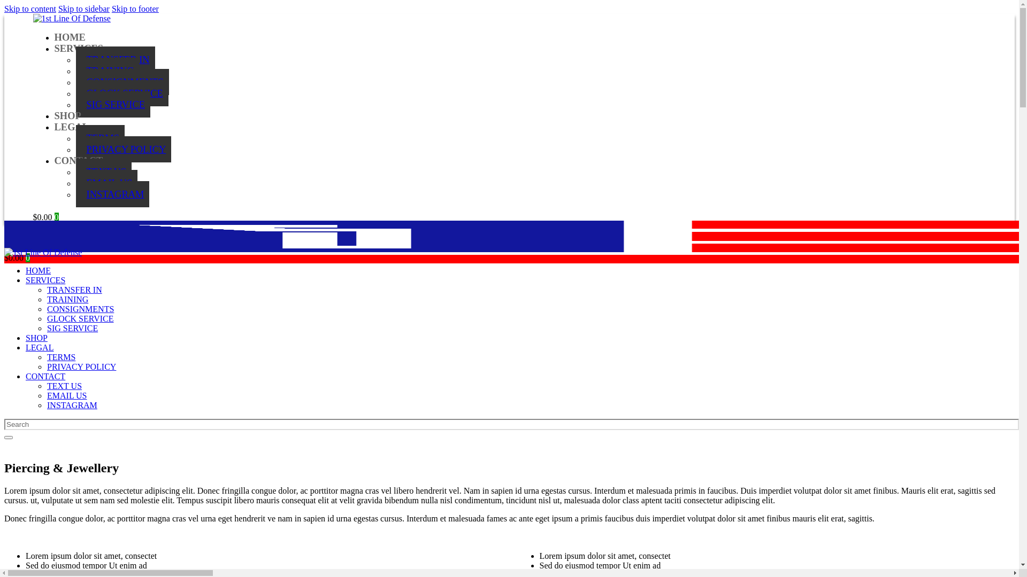 The image size is (1027, 577). I want to click on 'PRIVACY POLICY', so click(46, 366).